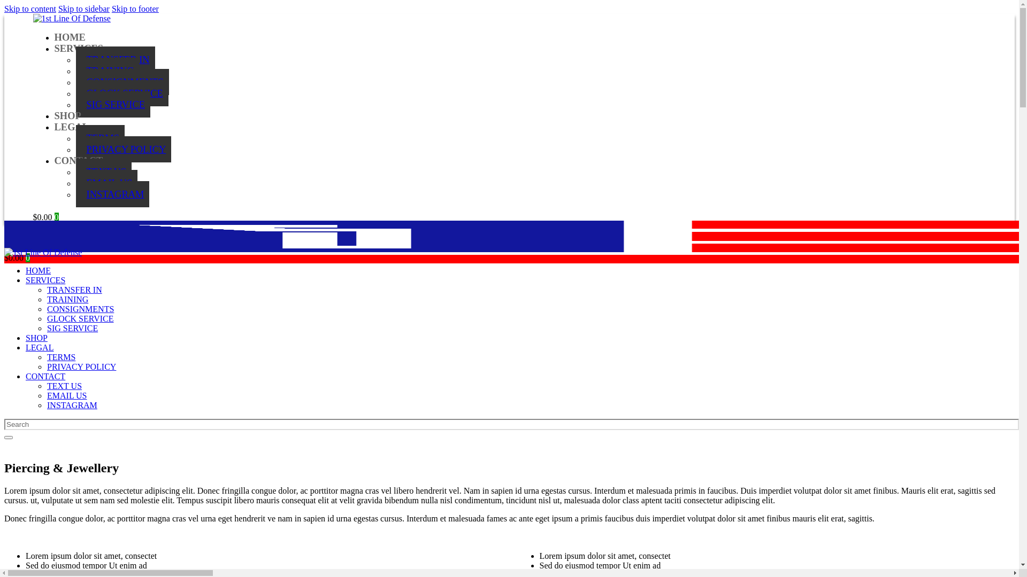 The image size is (1027, 577). I want to click on 'PRIVACY POLICY', so click(46, 366).